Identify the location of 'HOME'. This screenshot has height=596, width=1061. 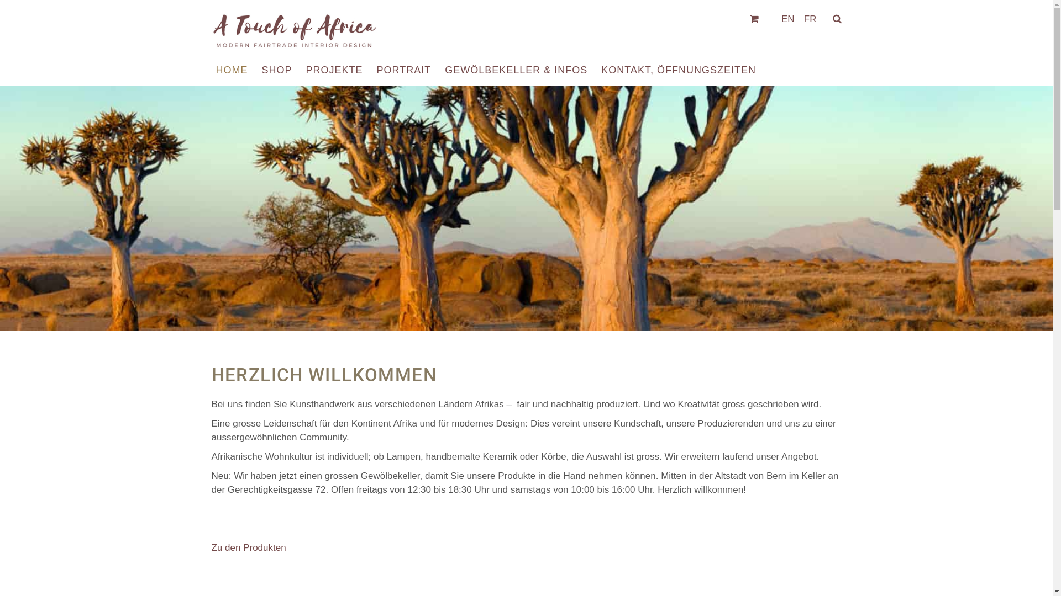
(230, 70).